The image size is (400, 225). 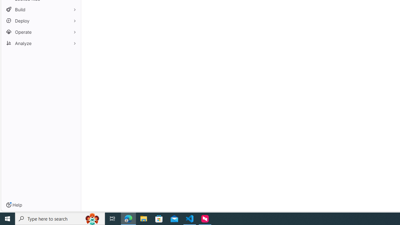 What do you see at coordinates (41, 9) in the screenshot?
I see `'Build'` at bounding box center [41, 9].